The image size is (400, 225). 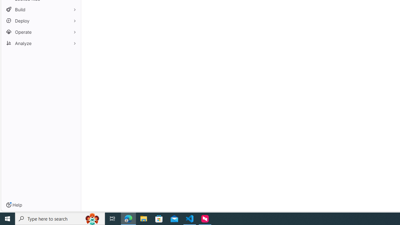 What do you see at coordinates (41, 9) in the screenshot?
I see `'Build'` at bounding box center [41, 9].